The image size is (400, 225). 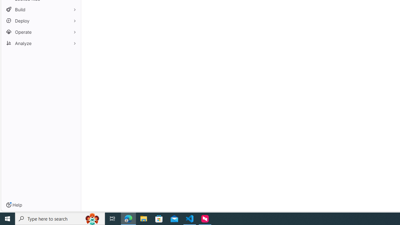 What do you see at coordinates (41, 9) in the screenshot?
I see `'Build'` at bounding box center [41, 9].